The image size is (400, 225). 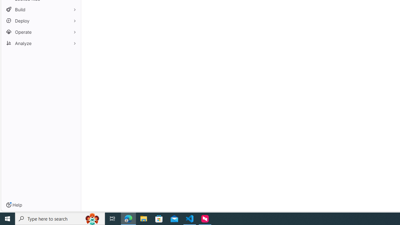 What do you see at coordinates (41, 9) in the screenshot?
I see `'Build'` at bounding box center [41, 9].